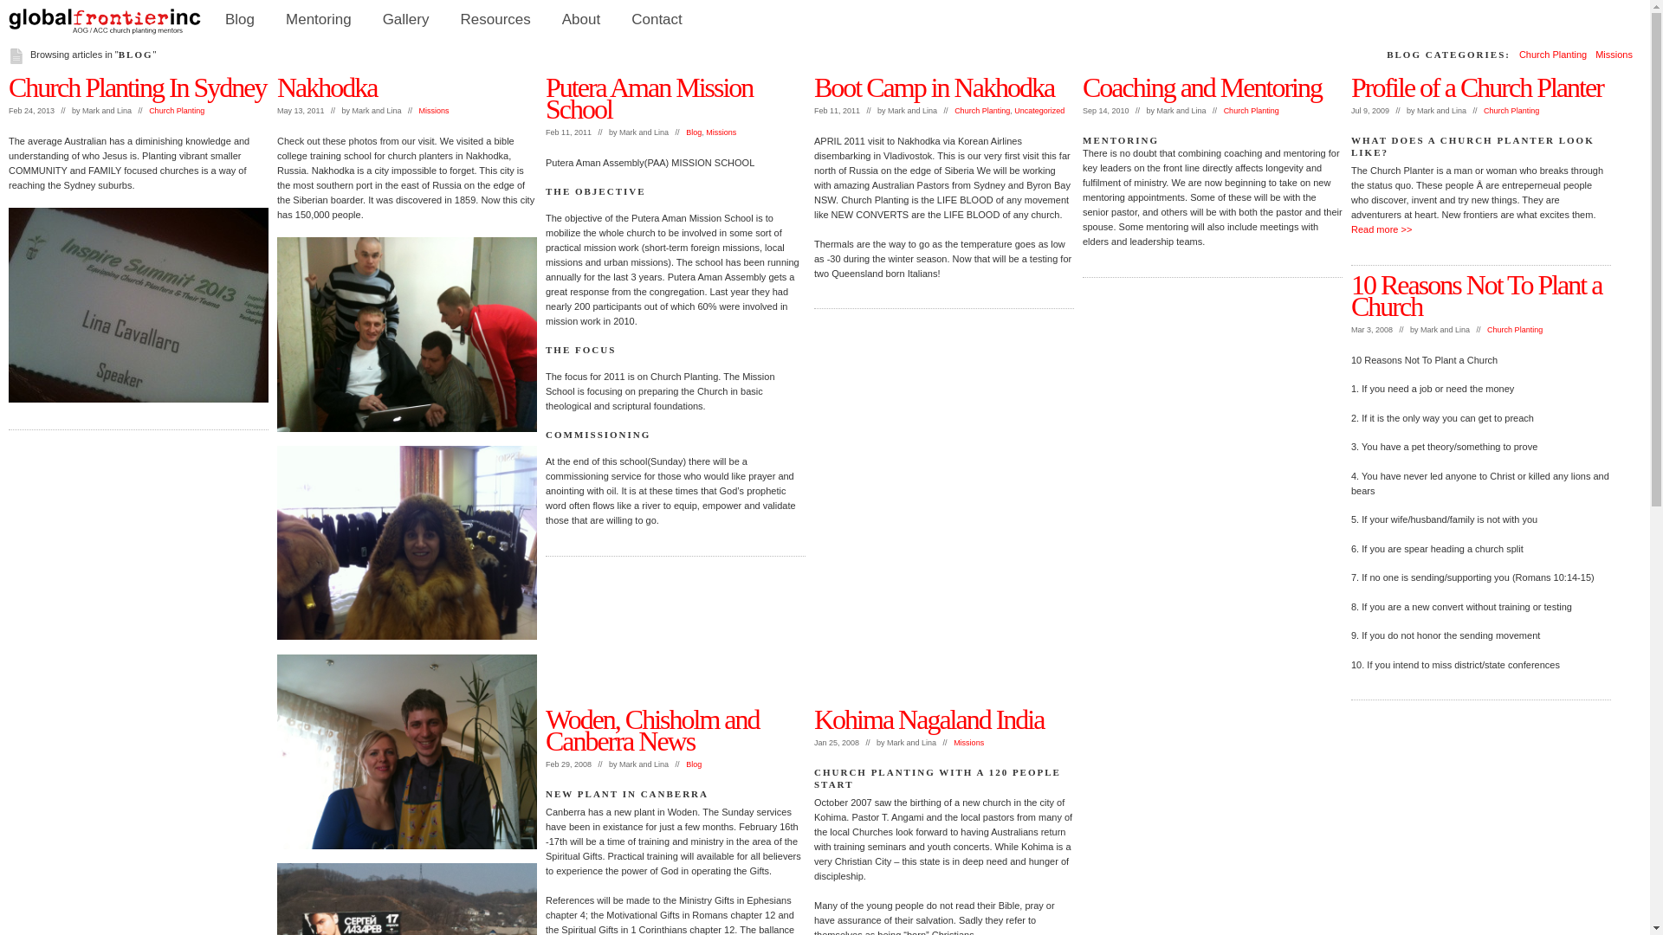 The image size is (1663, 935). Describe the element at coordinates (1380, 229) in the screenshot. I see `'Read more >>'` at that location.